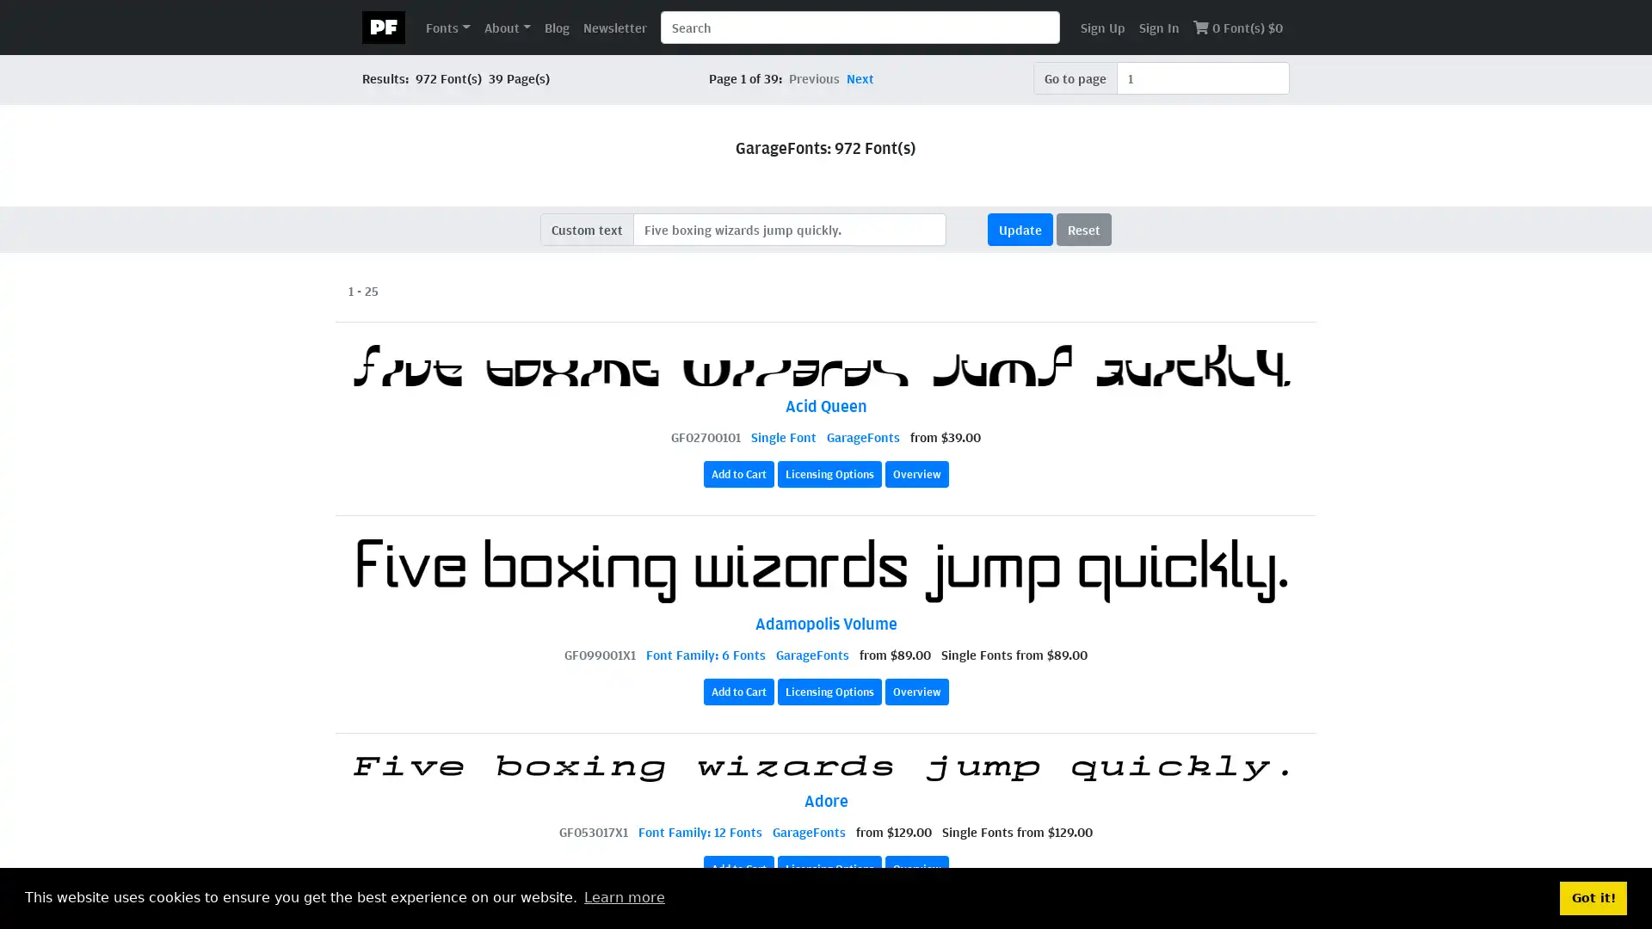  Describe the element at coordinates (623, 897) in the screenshot. I see `learn more about cookies` at that location.